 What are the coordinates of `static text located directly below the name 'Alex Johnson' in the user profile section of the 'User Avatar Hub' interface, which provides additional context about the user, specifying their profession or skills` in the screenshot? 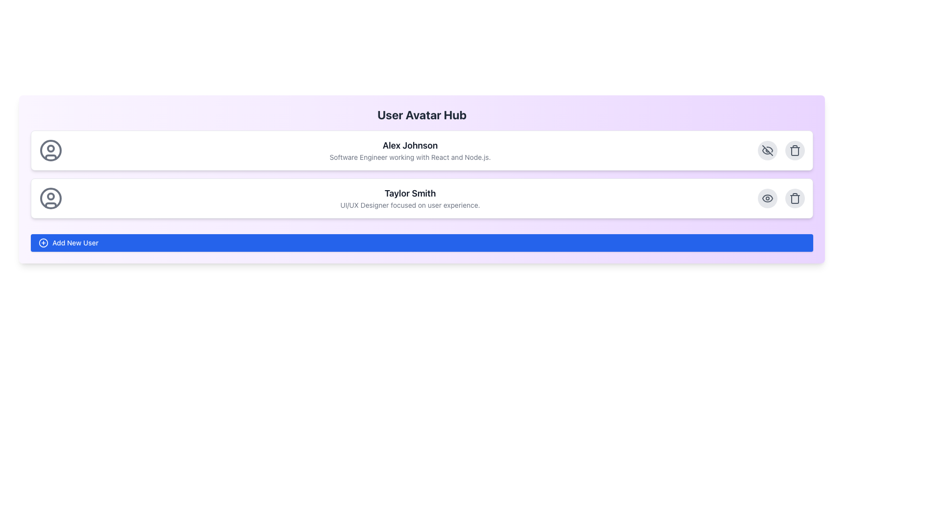 It's located at (410, 156).